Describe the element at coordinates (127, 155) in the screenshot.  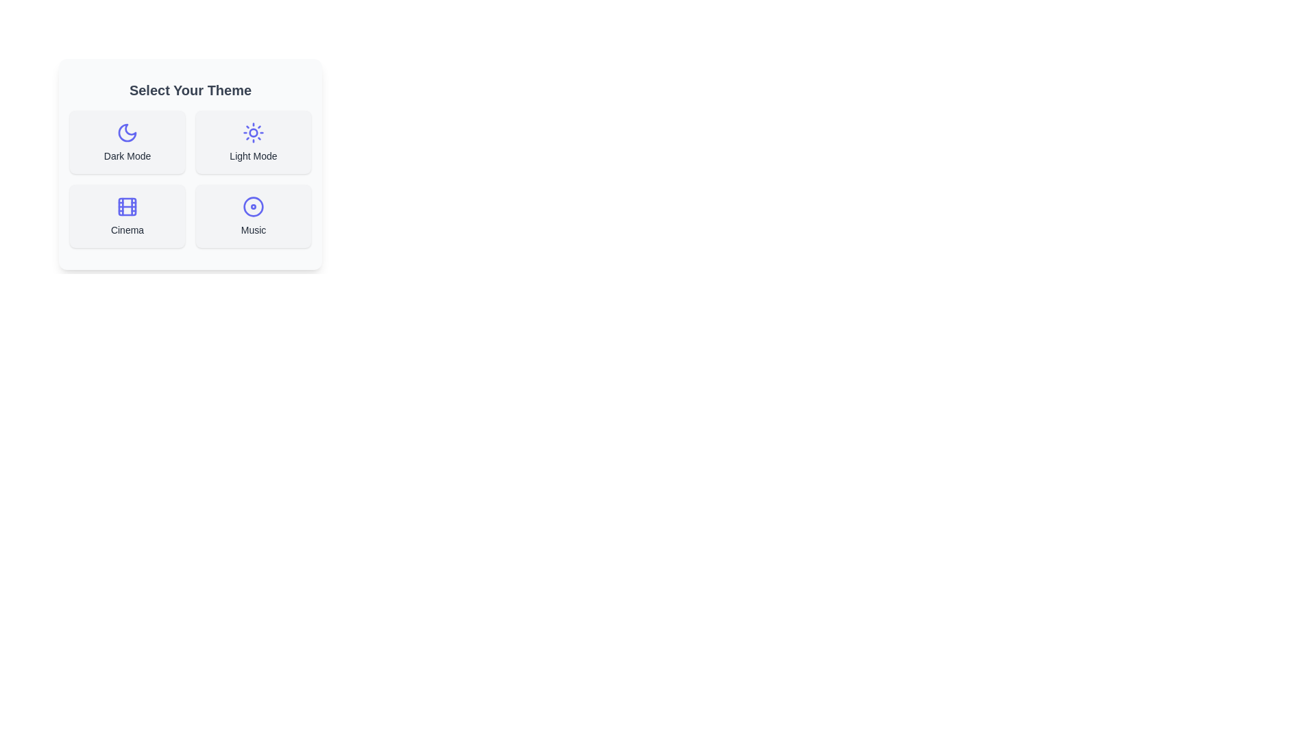
I see `text label that says 'Dark Mode' located centrally at the bottom of the 'Dark Mode' card, which is styled with rounded corners and a light gray background` at that location.